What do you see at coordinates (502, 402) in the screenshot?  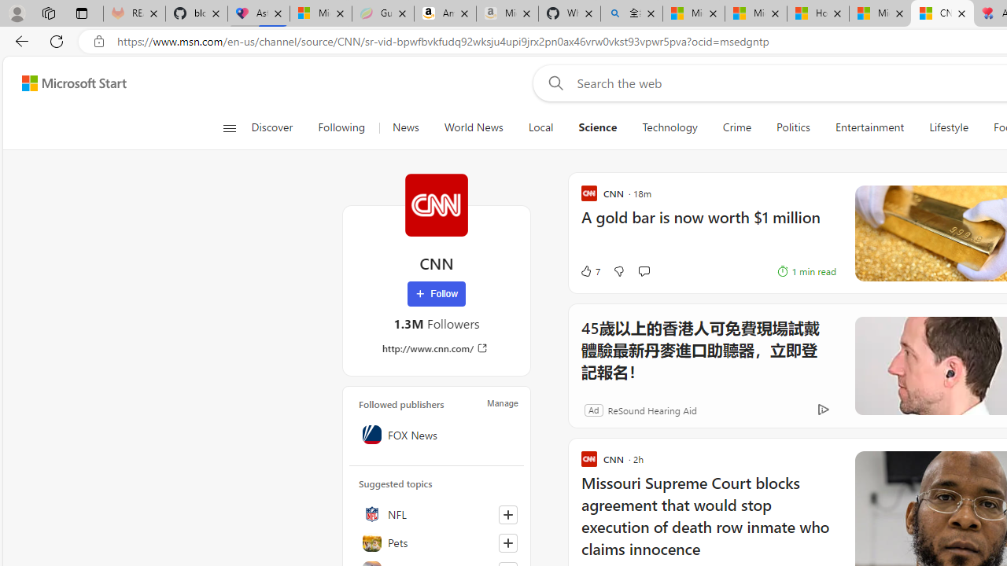 I see `'Manage'` at bounding box center [502, 402].